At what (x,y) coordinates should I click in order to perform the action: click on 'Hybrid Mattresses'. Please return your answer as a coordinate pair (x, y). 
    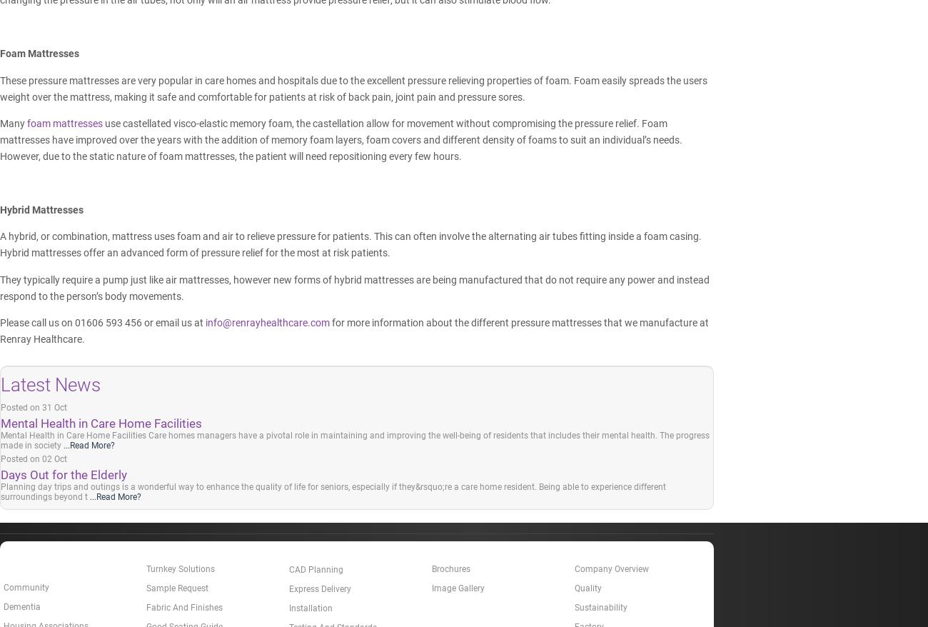
    Looking at the image, I should click on (41, 209).